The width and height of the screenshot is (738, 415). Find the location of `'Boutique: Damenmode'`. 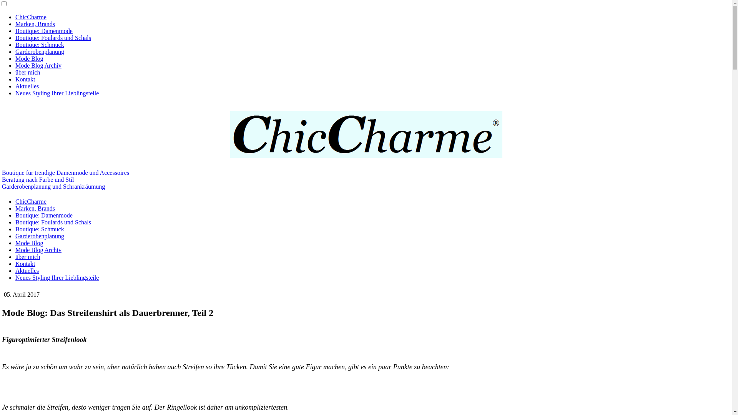

'Boutique: Damenmode' is located at coordinates (43, 30).